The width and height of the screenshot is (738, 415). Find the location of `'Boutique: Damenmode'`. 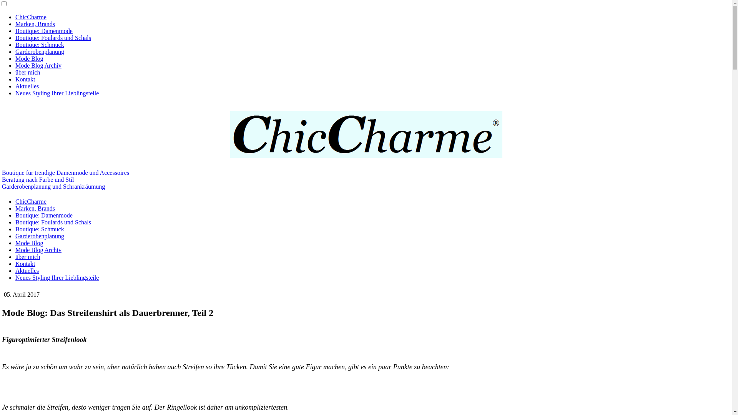

'Boutique: Damenmode' is located at coordinates (43, 30).